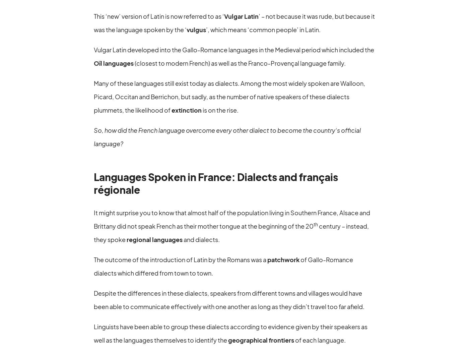 This screenshot has width=469, height=353. Describe the element at coordinates (229, 299) in the screenshot. I see `'Despite the differences in these dialects, speakers from different towns and villages would have been able to communicate effectively with one another as long as they didn’t travel too far afield.'` at that location.